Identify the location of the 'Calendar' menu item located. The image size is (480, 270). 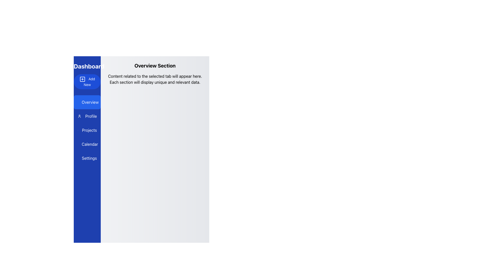
(87, 144).